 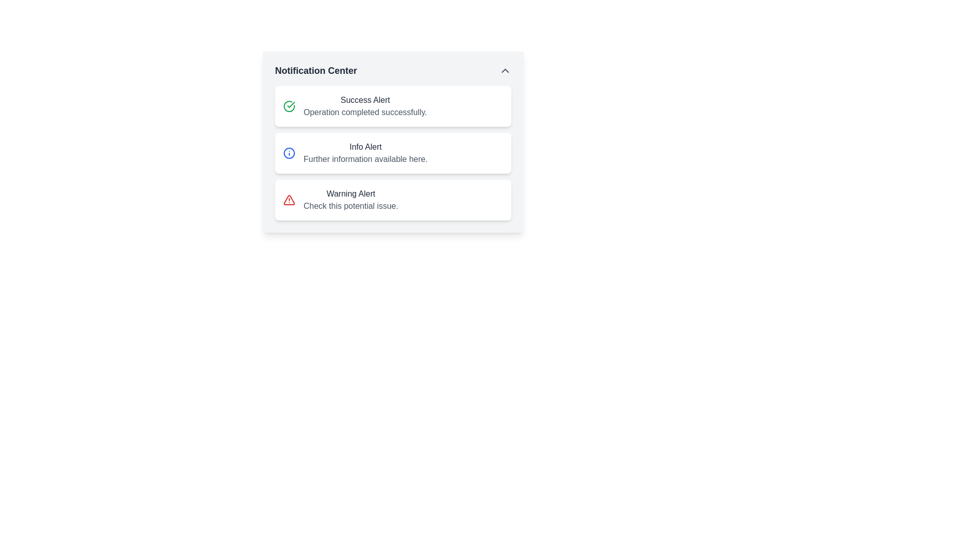 What do you see at coordinates (393, 200) in the screenshot?
I see `the third Notification Card in the Notification Center to inspect the warning message further` at bounding box center [393, 200].